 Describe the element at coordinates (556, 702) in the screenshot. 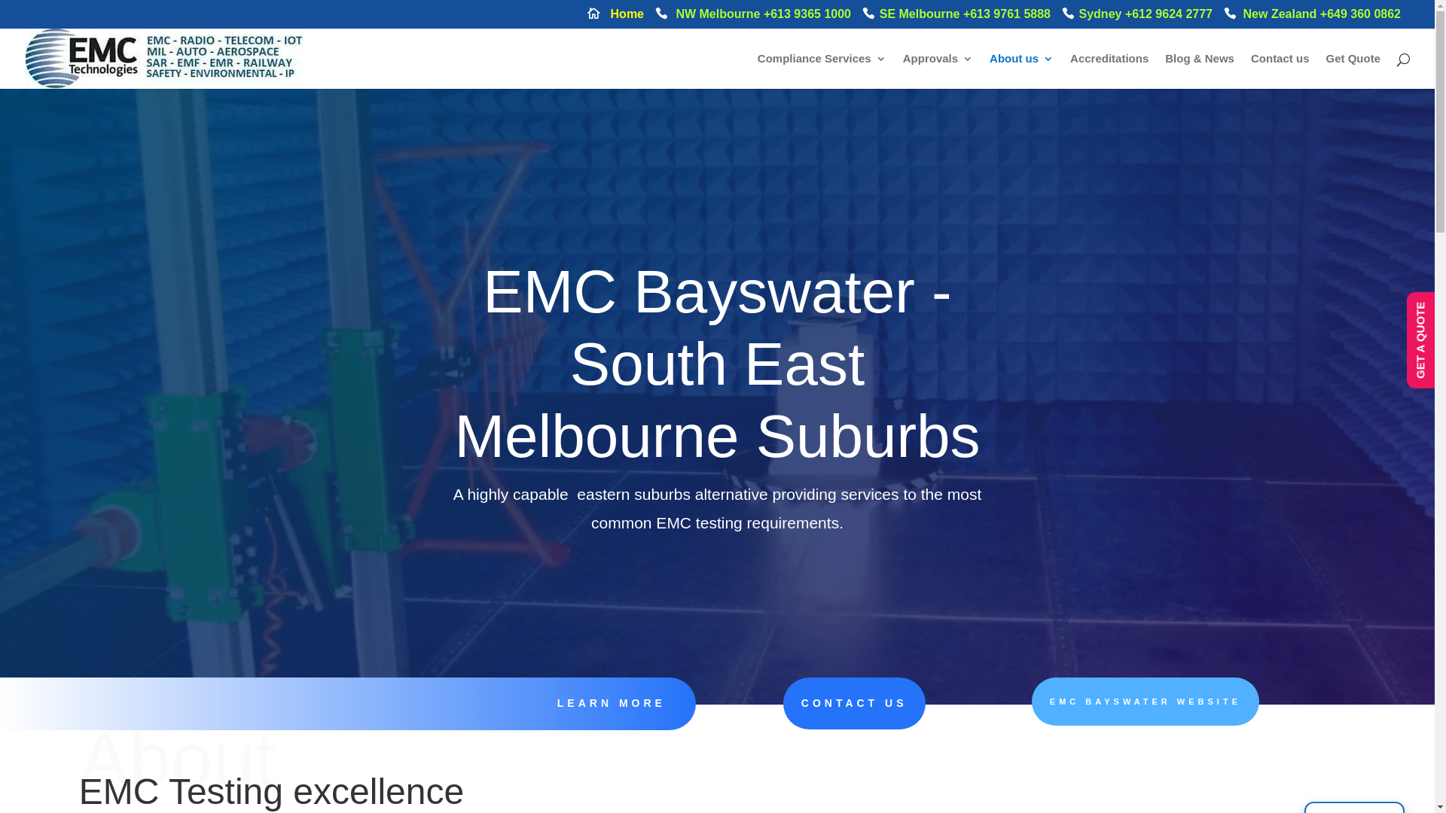

I see `'LEARN MORE'` at that location.